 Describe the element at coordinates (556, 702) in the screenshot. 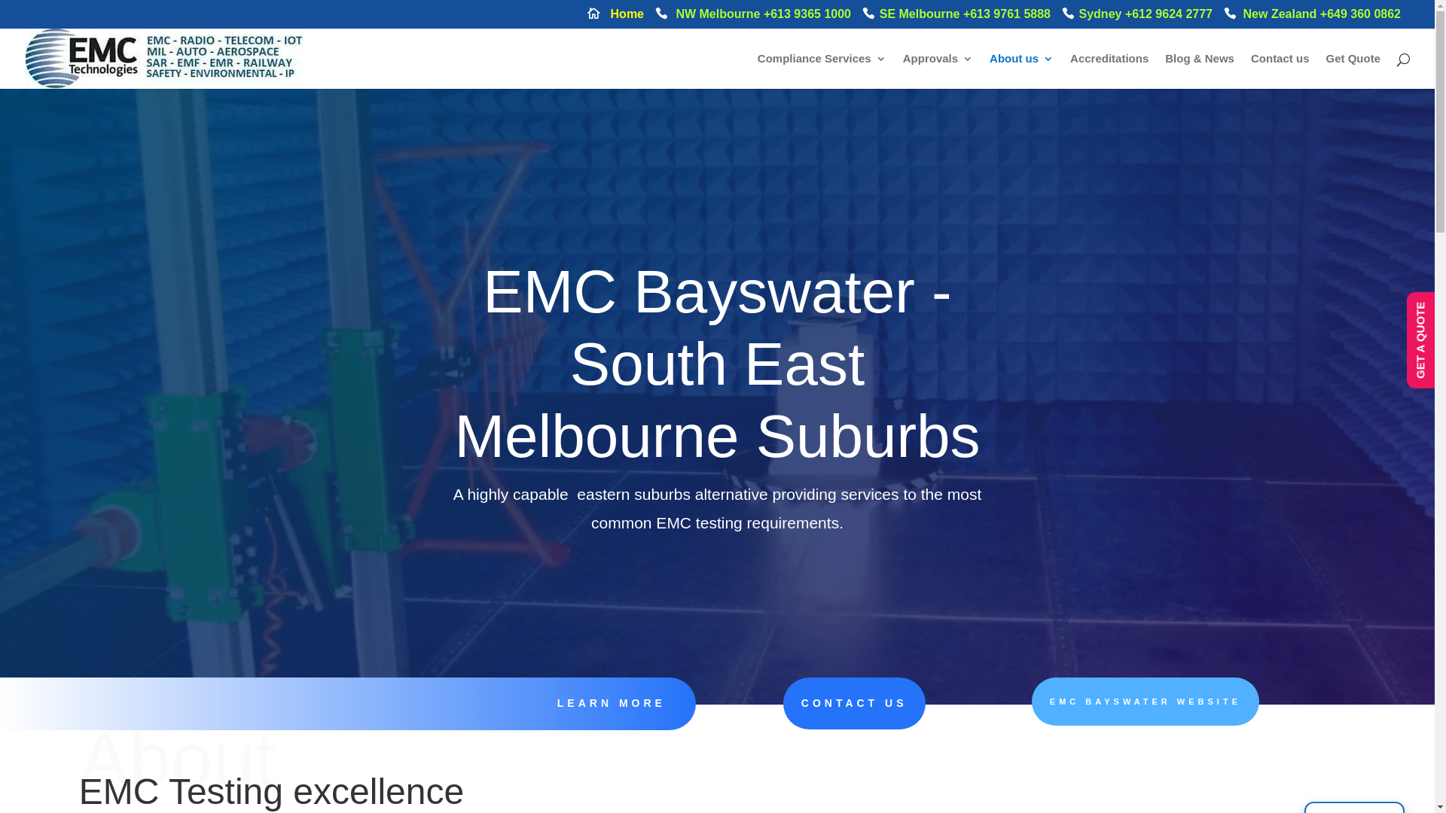

I see `'LEARN MORE'` at that location.